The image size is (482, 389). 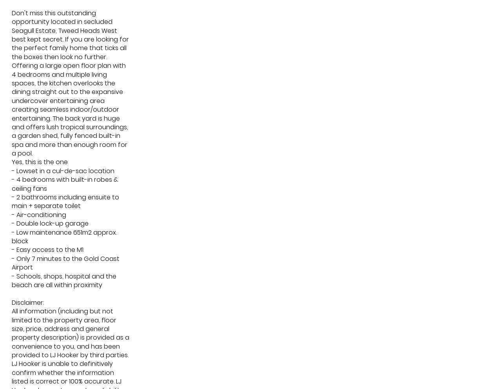 I want to click on '4', so click(x=292, y=204).